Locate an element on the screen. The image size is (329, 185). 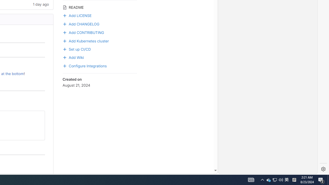
'Class: s16 icon gl-mr-3 gl-text-gray-500' is located at coordinates (64, 7).